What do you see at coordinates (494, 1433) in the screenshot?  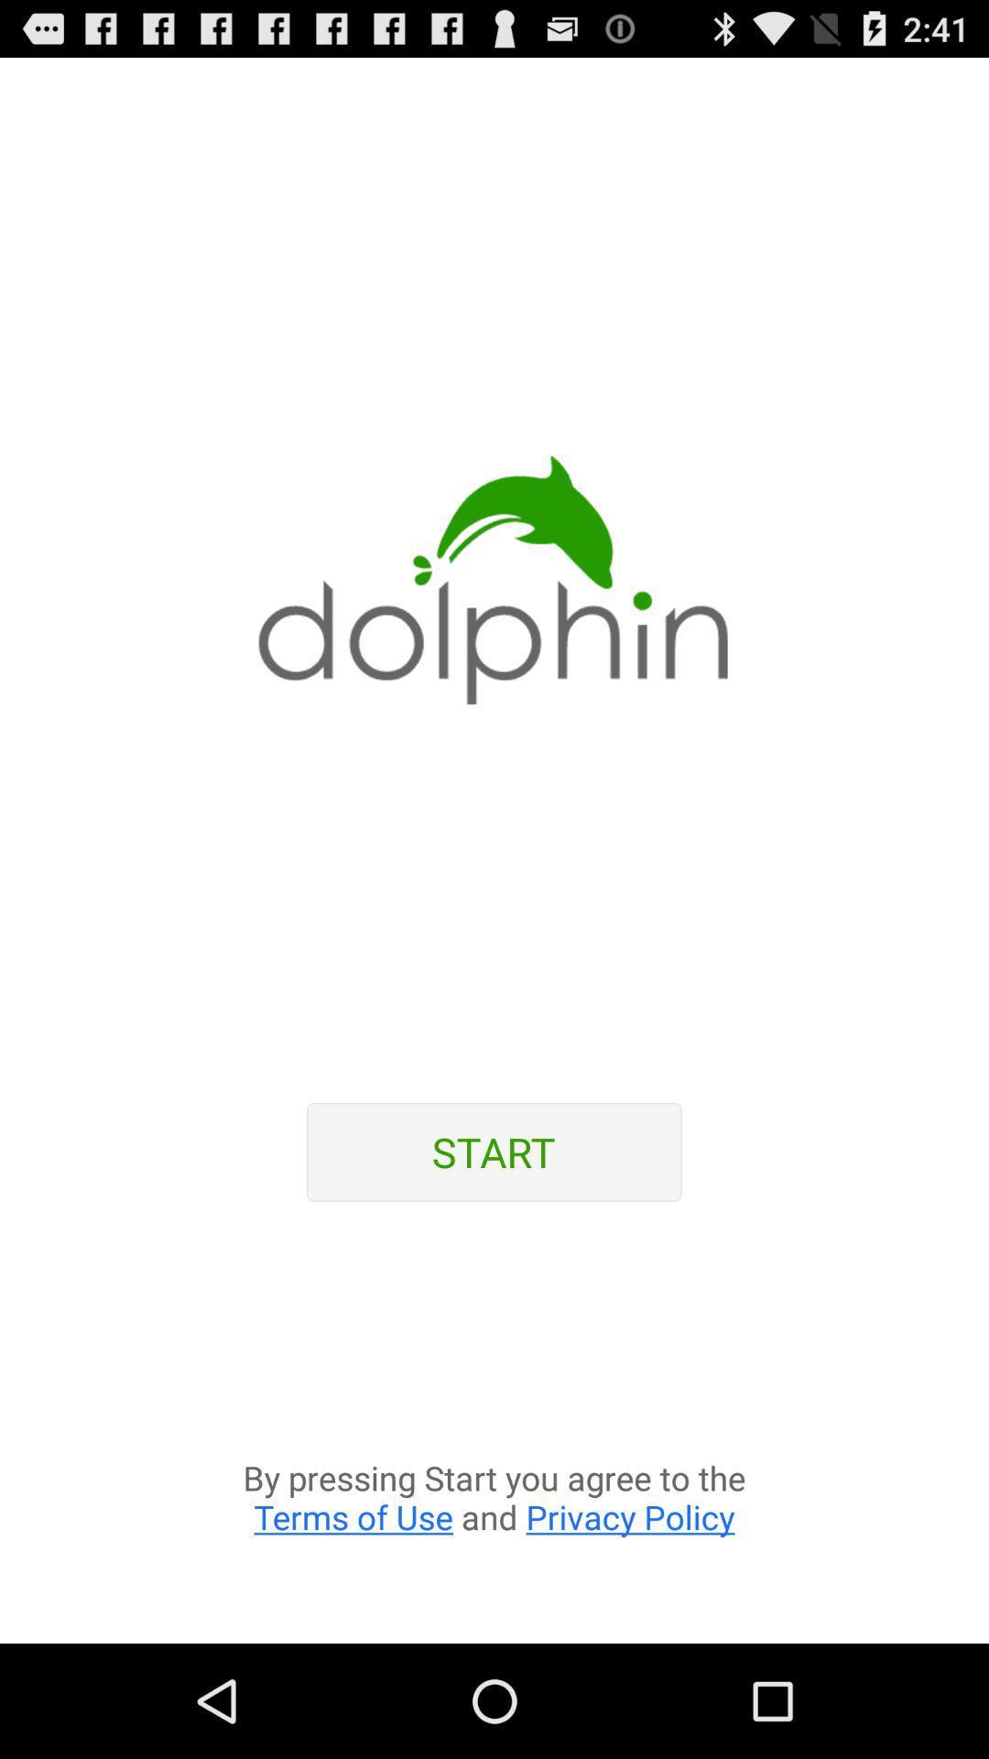 I see `the app at the bottom` at bounding box center [494, 1433].